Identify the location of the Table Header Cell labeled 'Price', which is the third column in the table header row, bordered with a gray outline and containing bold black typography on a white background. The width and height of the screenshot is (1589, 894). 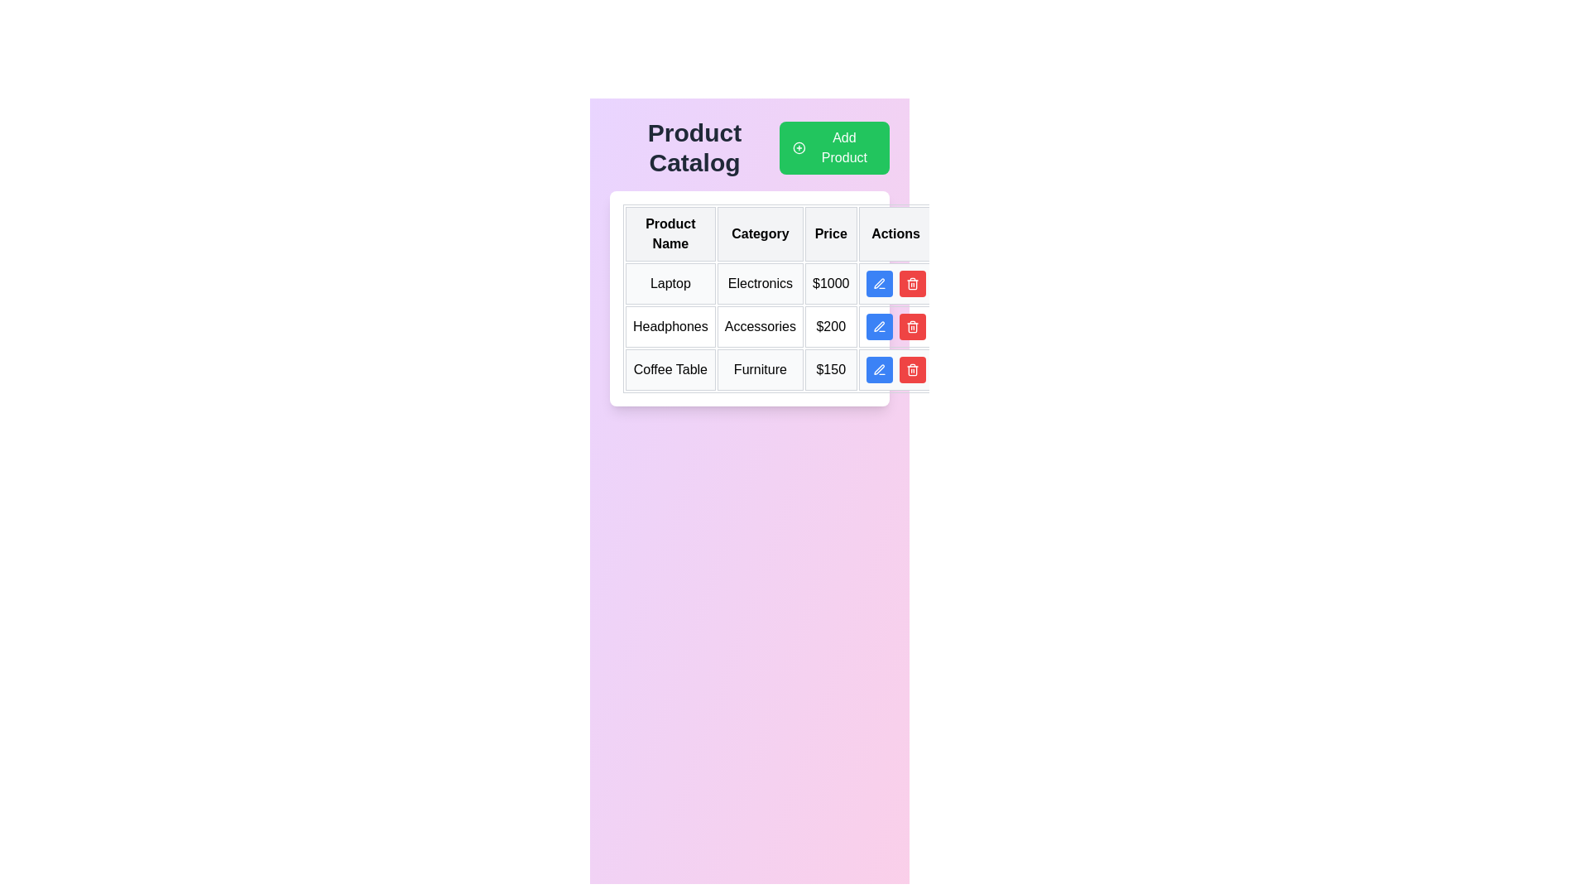
(831, 233).